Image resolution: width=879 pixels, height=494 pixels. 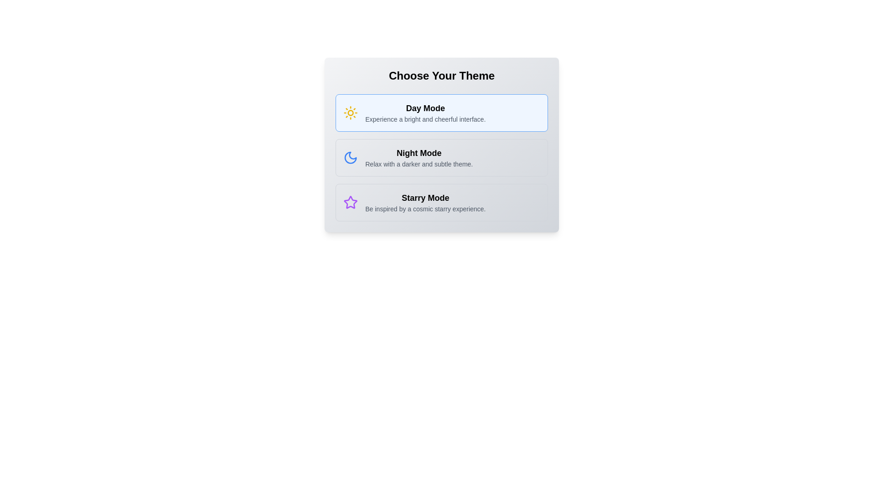 What do you see at coordinates (418, 157) in the screenshot?
I see `the 'Night Mode' text block` at bounding box center [418, 157].